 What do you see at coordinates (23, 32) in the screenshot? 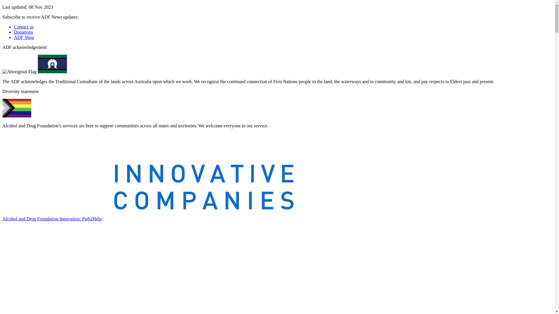
I see `'Donations'` at bounding box center [23, 32].